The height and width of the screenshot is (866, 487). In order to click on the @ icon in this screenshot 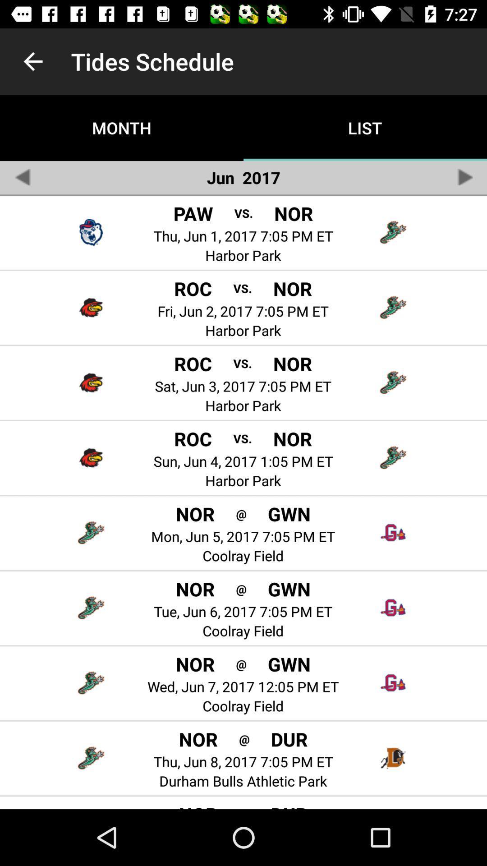, I will do `click(241, 663)`.